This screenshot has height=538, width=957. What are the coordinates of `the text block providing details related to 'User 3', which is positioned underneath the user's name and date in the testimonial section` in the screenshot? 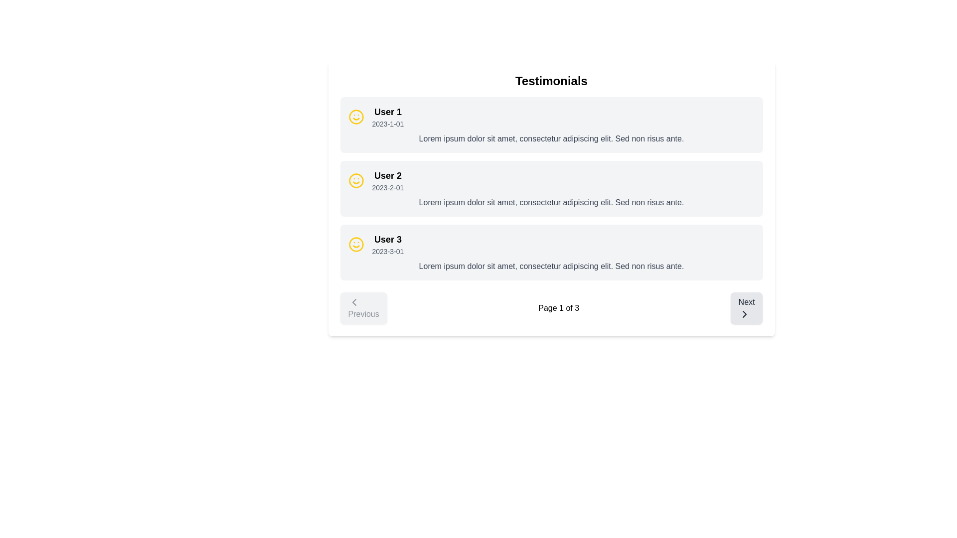 It's located at (551, 266).